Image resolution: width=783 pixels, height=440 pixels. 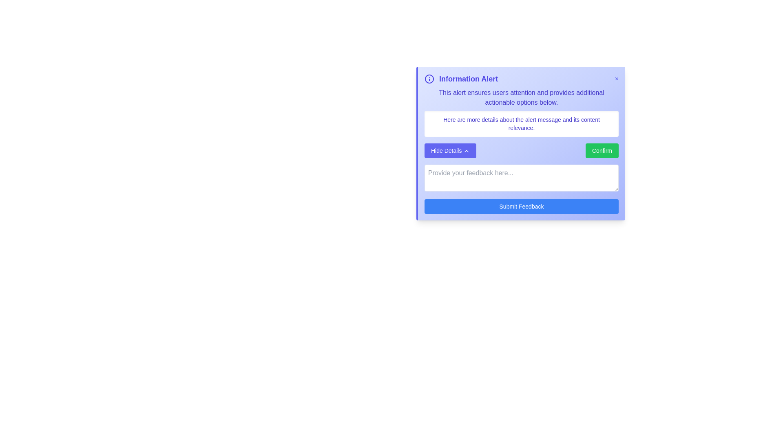 What do you see at coordinates (617, 79) in the screenshot?
I see `the close button ('×') to dismiss the alert` at bounding box center [617, 79].